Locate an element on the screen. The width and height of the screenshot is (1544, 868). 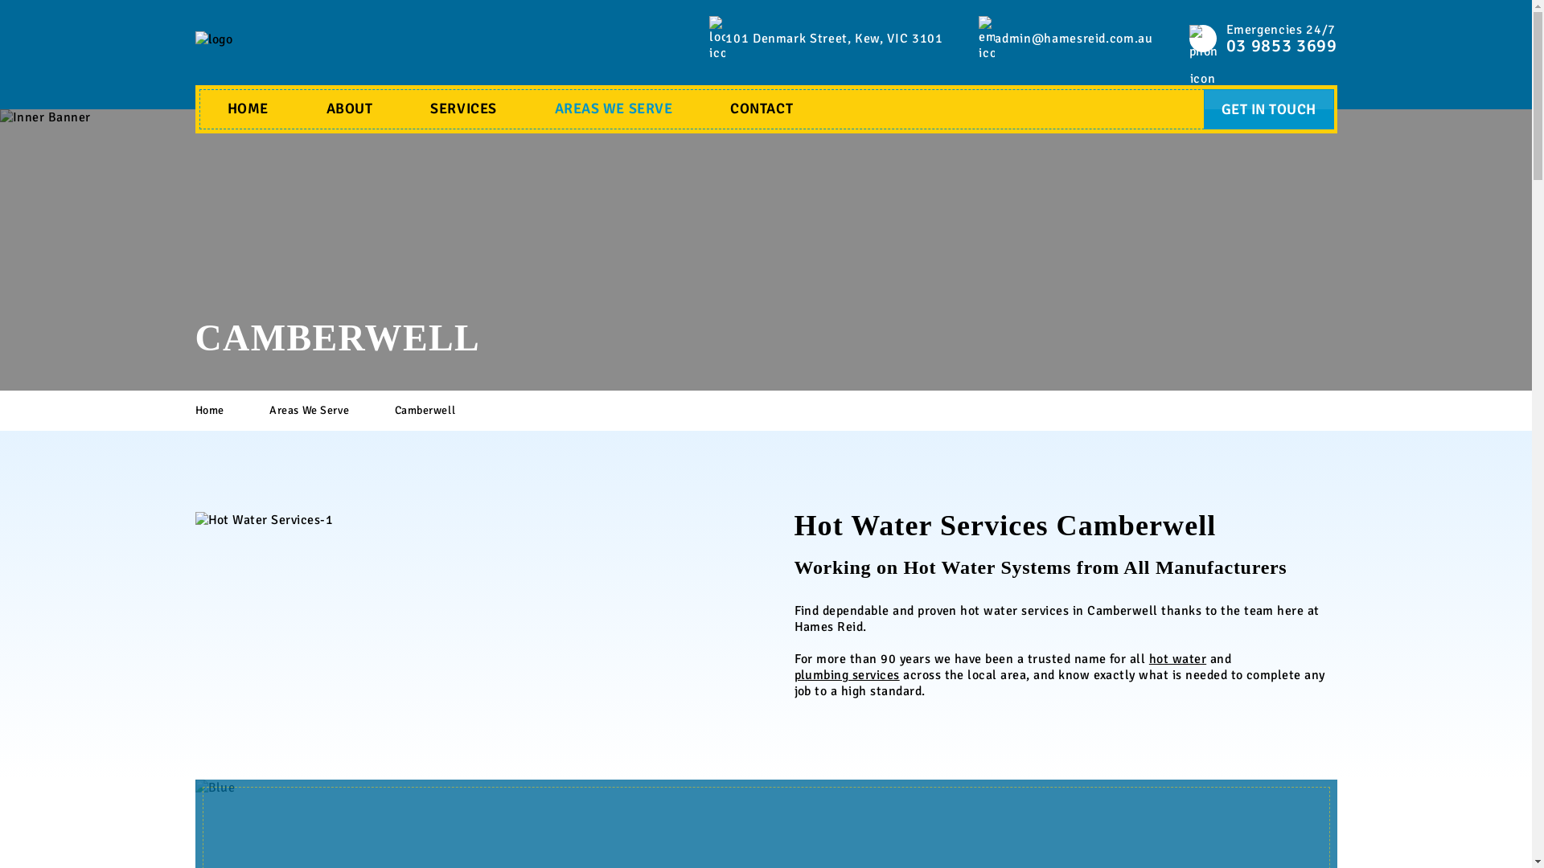
'CONTACT' is located at coordinates (729, 108).